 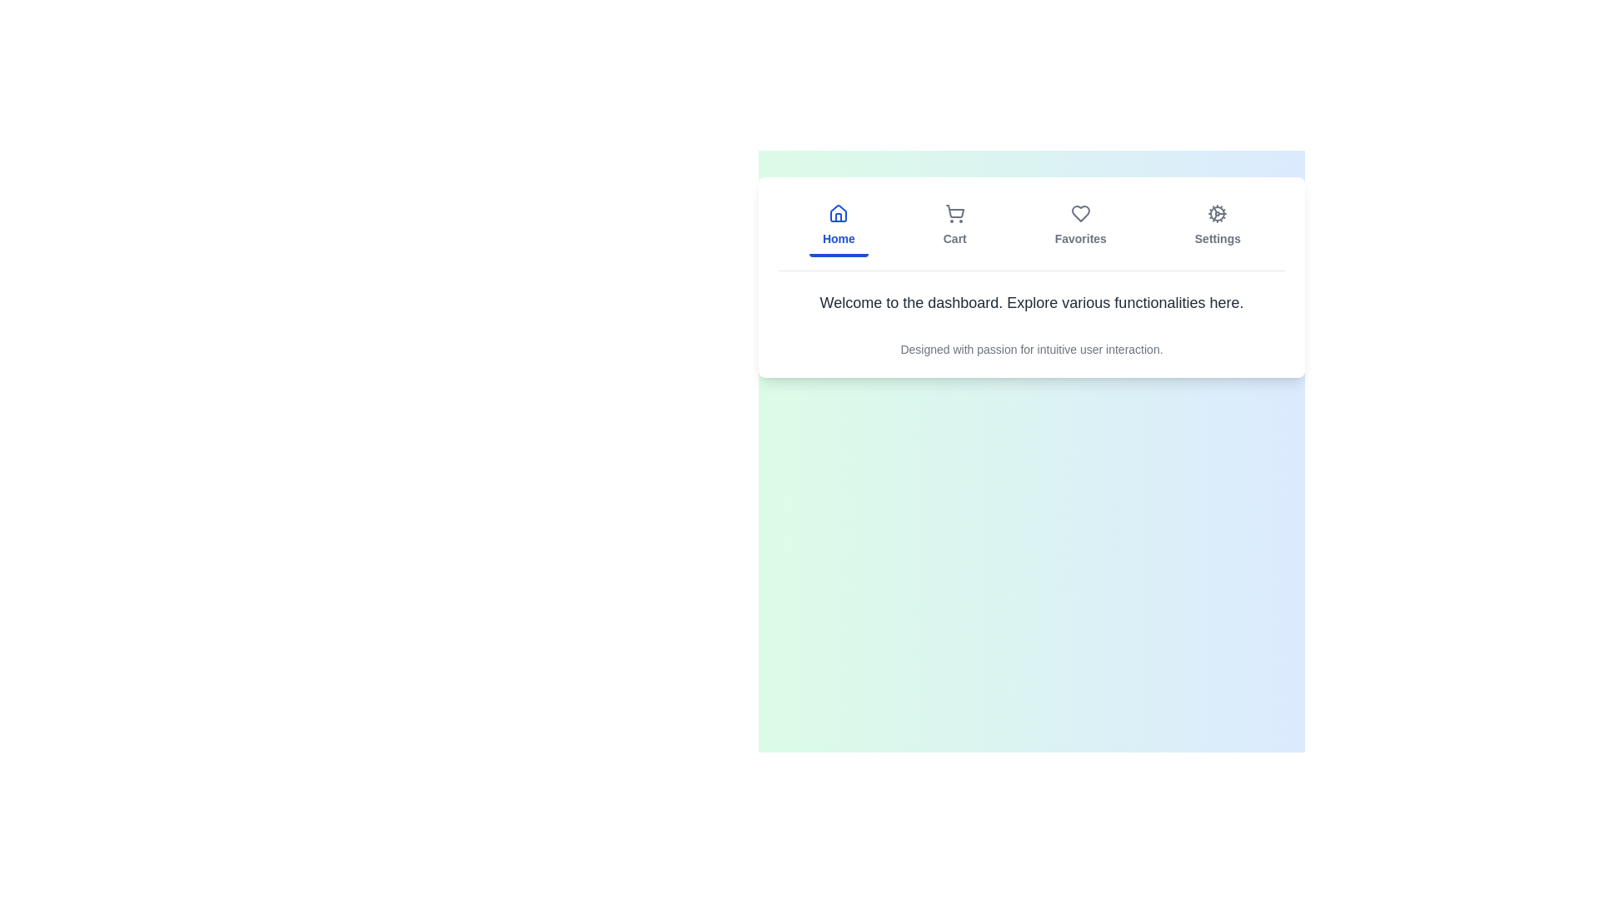 I want to click on the 'Favorites' icon located above the 'Favorites' text label in the navigation bar, so click(x=1080, y=213).